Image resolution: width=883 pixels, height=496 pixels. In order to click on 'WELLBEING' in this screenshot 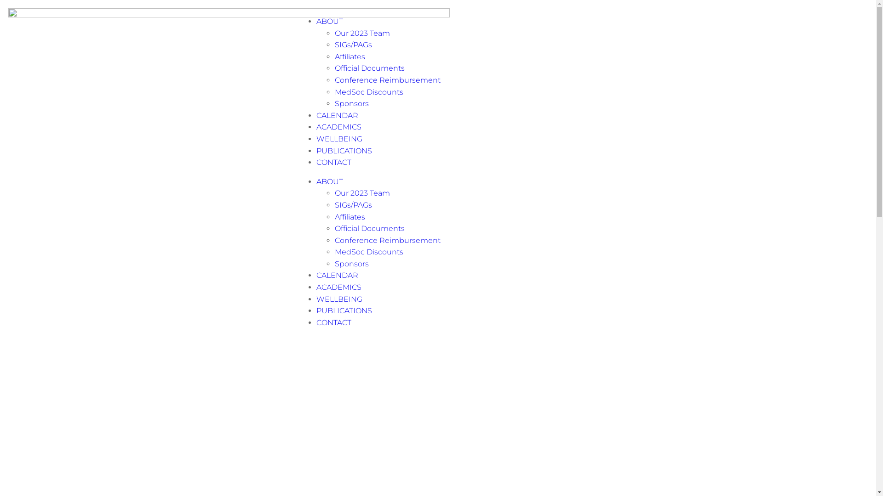, I will do `click(339, 139)`.